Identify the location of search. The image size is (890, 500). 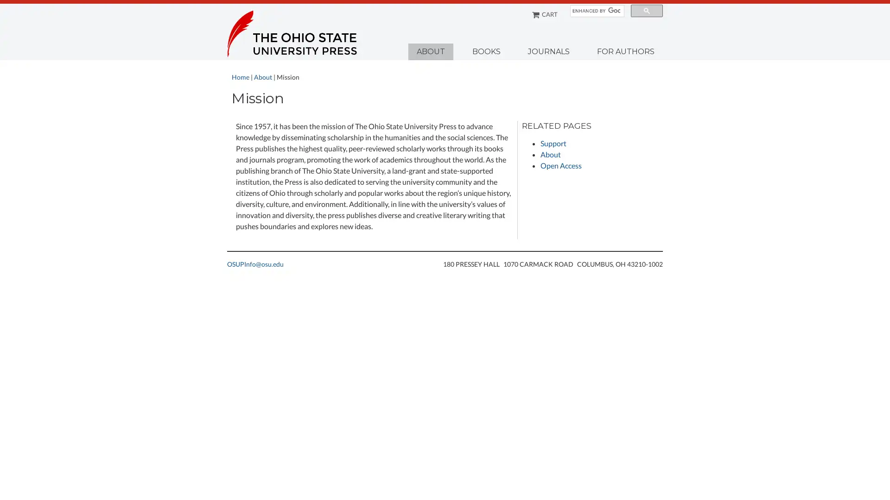
(646, 11).